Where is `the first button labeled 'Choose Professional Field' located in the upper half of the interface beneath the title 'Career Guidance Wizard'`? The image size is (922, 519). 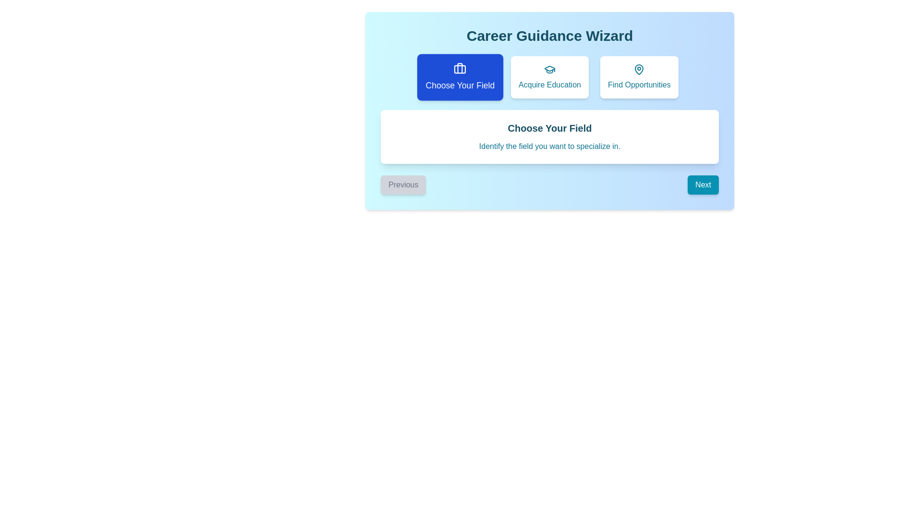 the first button labeled 'Choose Professional Field' located in the upper half of the interface beneath the title 'Career Guidance Wizard' is located at coordinates (460, 77).